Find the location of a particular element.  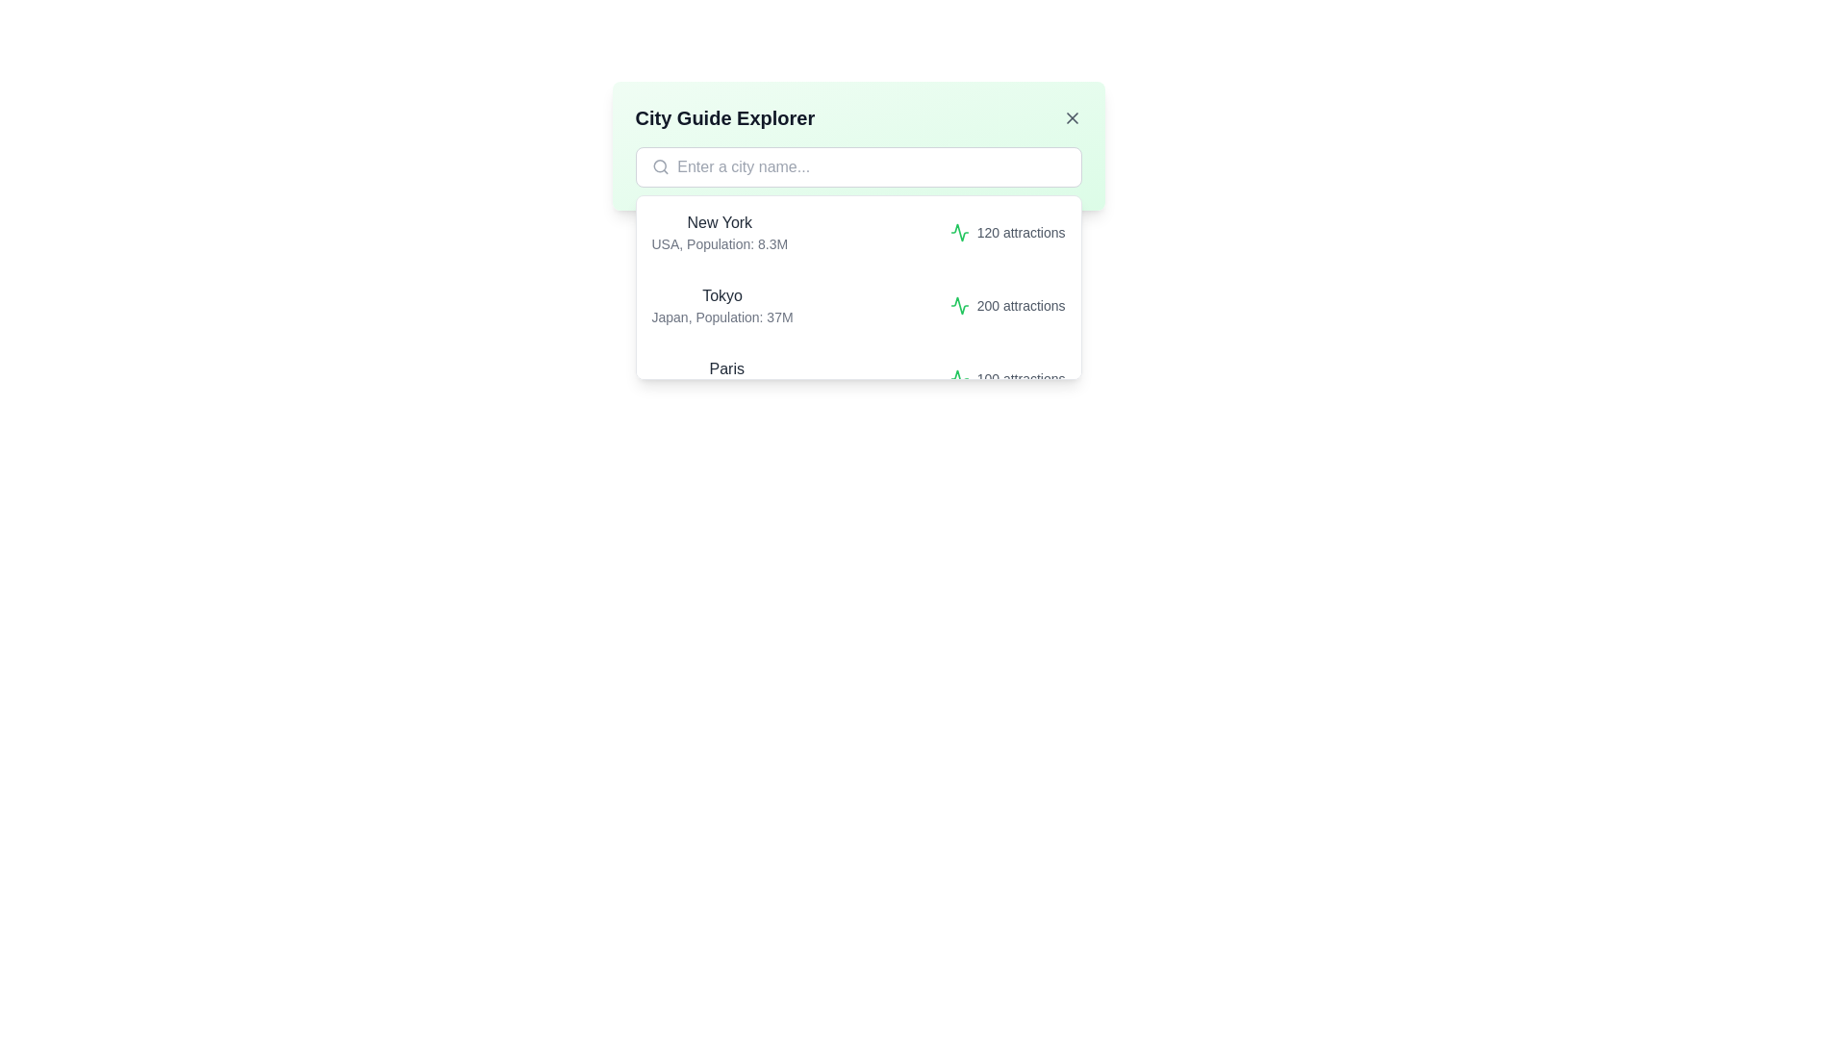

the text display component showing 'New York' and 'USA, Population: 8.3M' in the dropdown below the 'City Guide Explorer' search bar is located at coordinates (719, 232).